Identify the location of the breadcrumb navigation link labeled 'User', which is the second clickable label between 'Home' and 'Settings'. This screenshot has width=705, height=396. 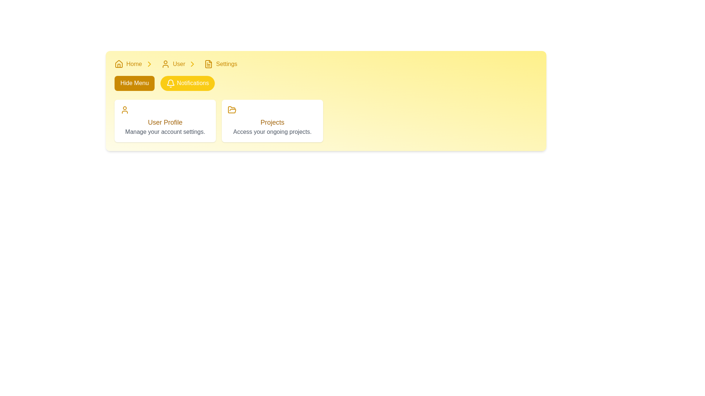
(180, 63).